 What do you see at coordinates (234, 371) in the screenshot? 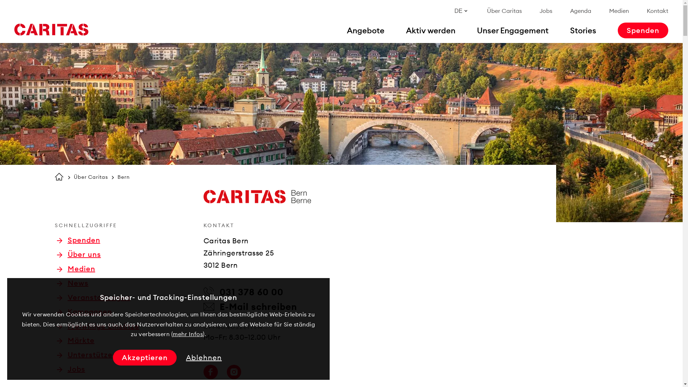
I see `'instagram'` at bounding box center [234, 371].